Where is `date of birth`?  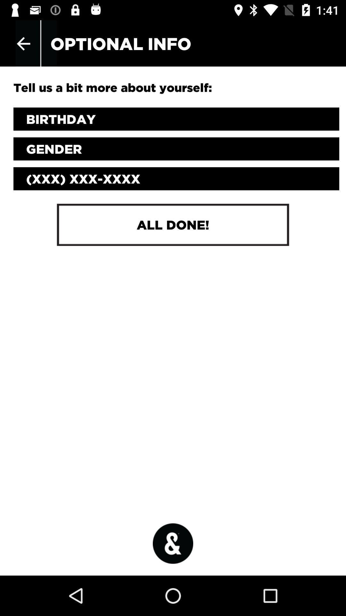
date of birth is located at coordinates (176, 119).